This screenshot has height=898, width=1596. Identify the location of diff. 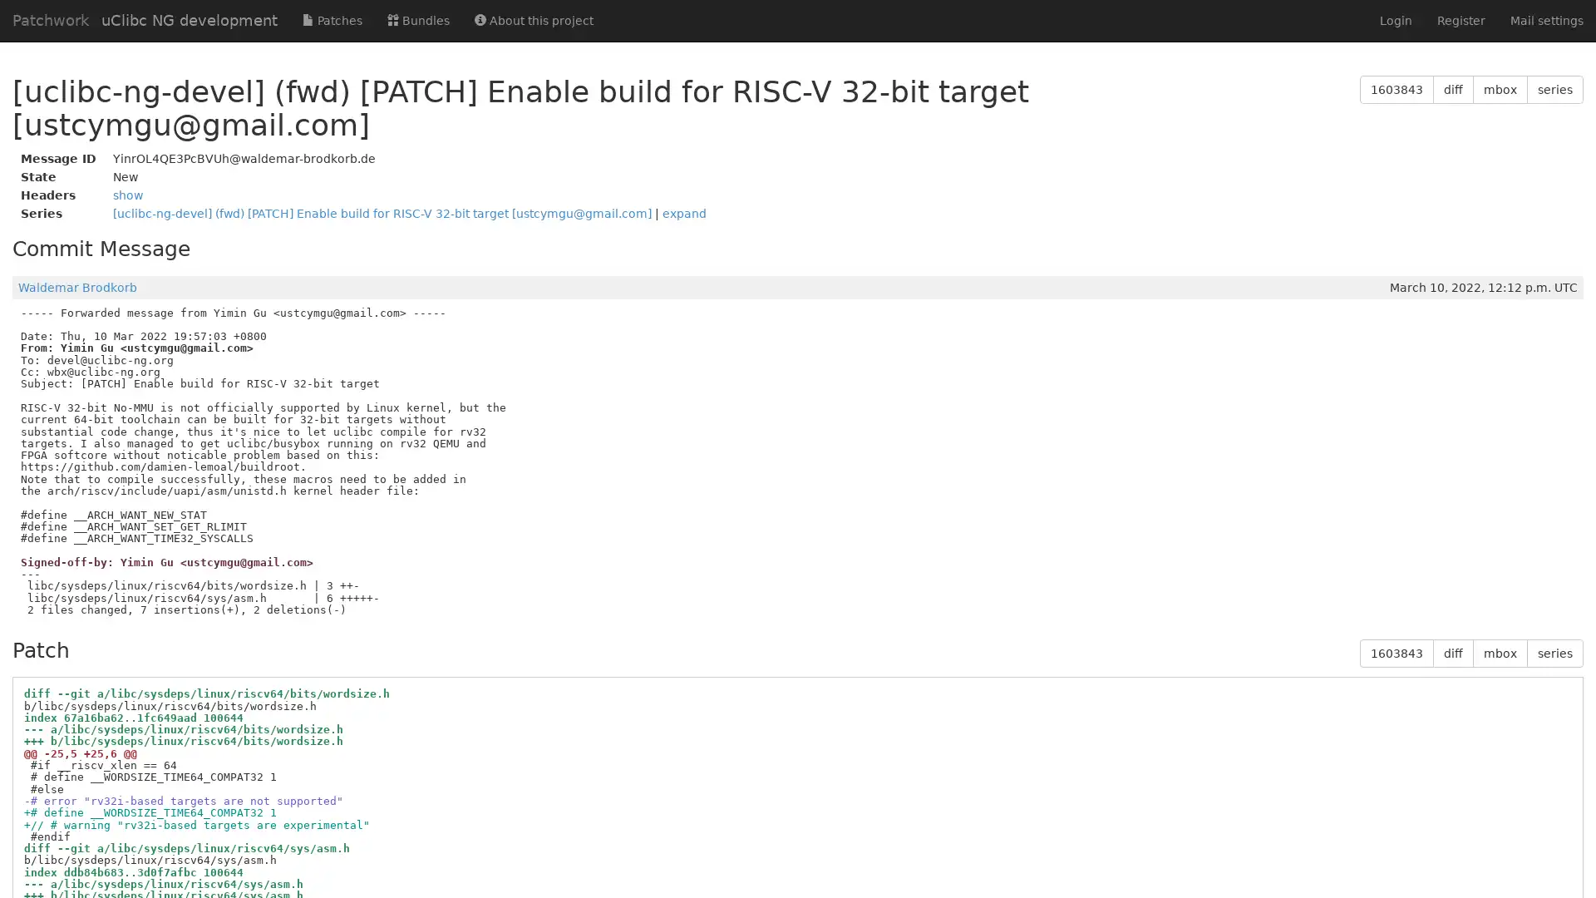
(1452, 652).